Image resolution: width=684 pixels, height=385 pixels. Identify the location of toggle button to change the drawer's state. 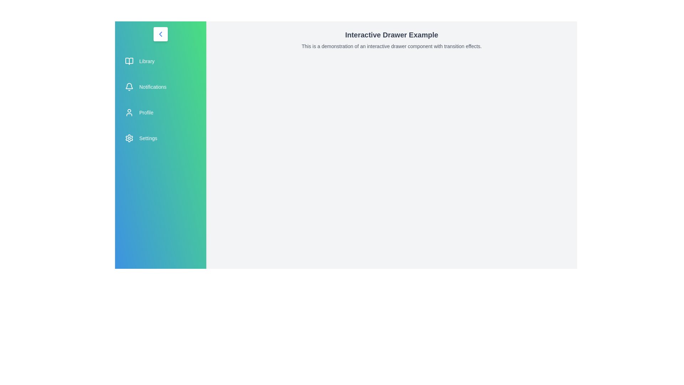
(160, 34).